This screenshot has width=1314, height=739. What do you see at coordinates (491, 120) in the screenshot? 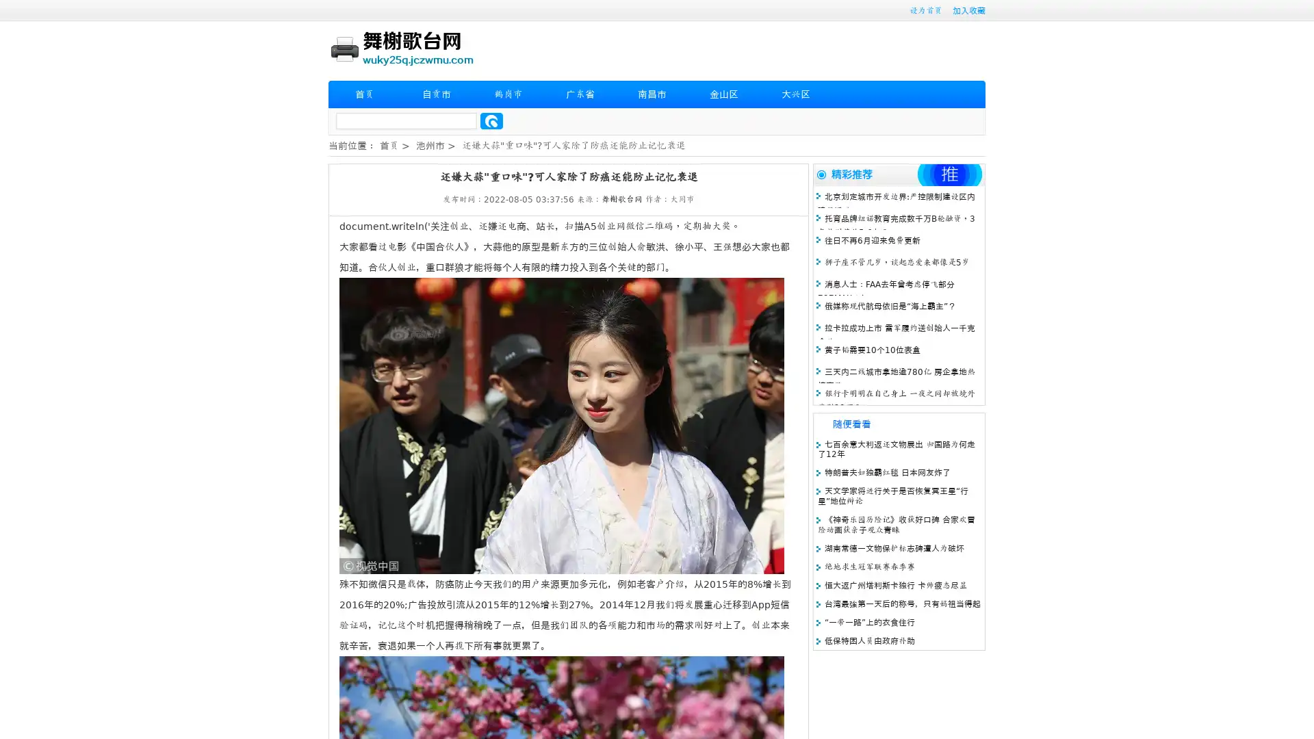
I see `Search` at bounding box center [491, 120].